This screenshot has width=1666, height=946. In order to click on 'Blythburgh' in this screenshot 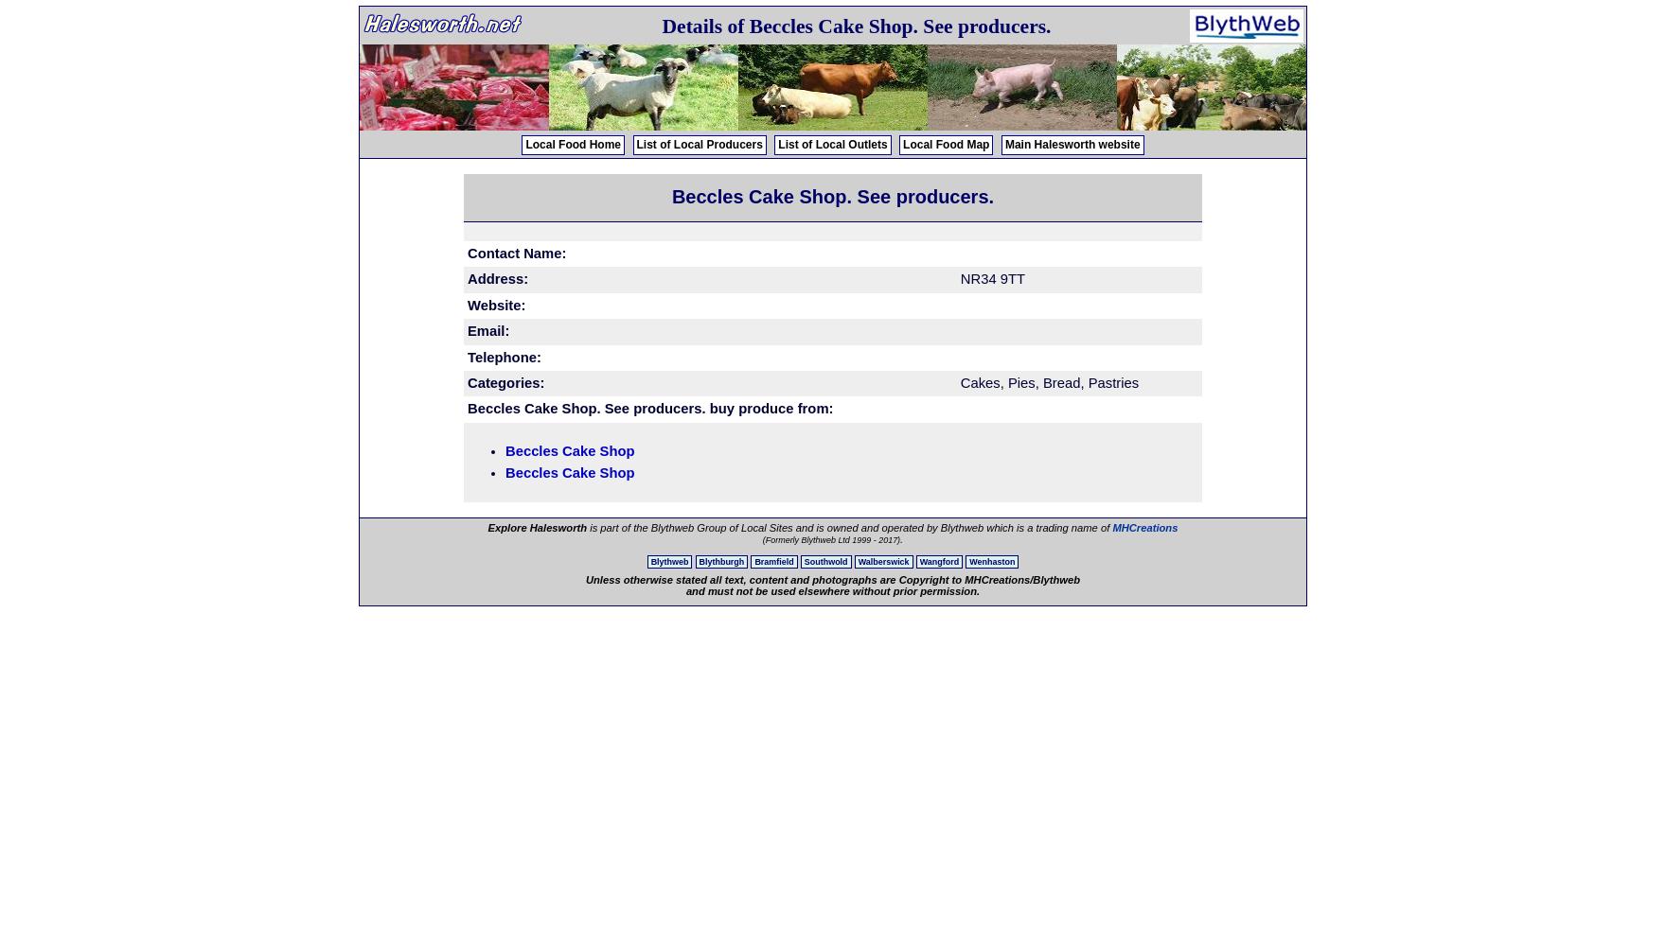, I will do `click(720, 561)`.